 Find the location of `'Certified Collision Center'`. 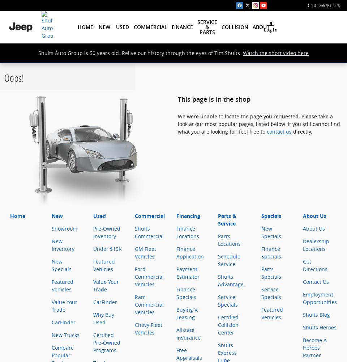

'Certified Collision Center' is located at coordinates (228, 325).